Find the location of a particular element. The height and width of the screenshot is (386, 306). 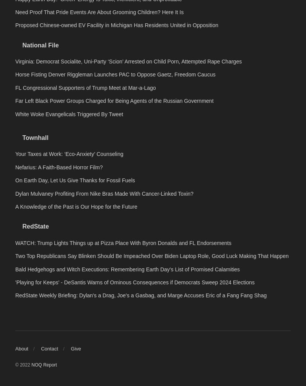

'Far Left Black Power Groups Charged for Being Agents of the Russian Government' is located at coordinates (15, 207).